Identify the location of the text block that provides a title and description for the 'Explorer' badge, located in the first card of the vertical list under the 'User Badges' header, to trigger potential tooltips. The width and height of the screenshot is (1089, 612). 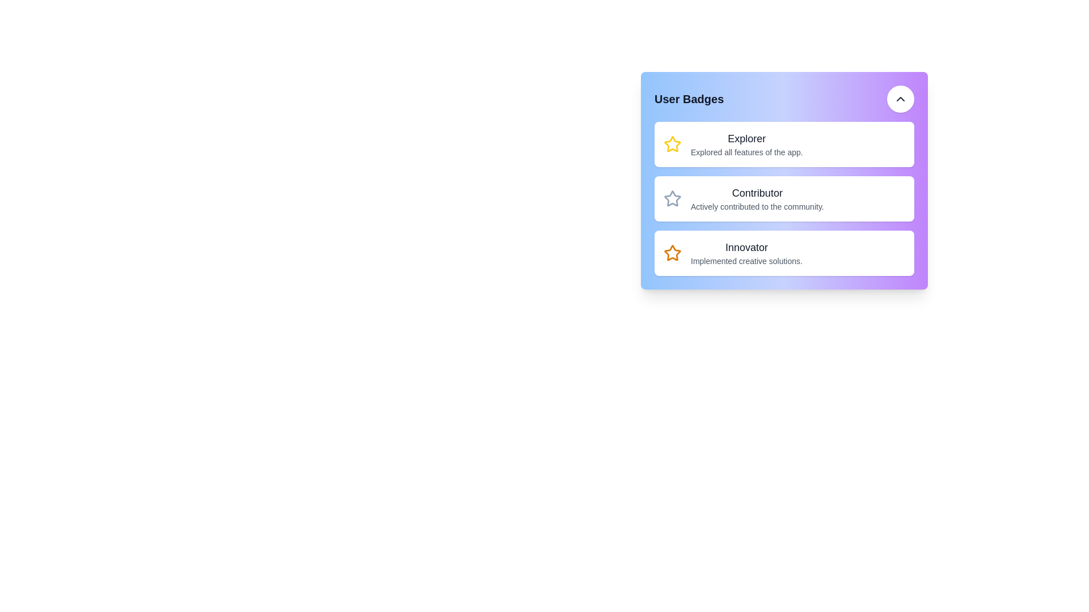
(746, 143).